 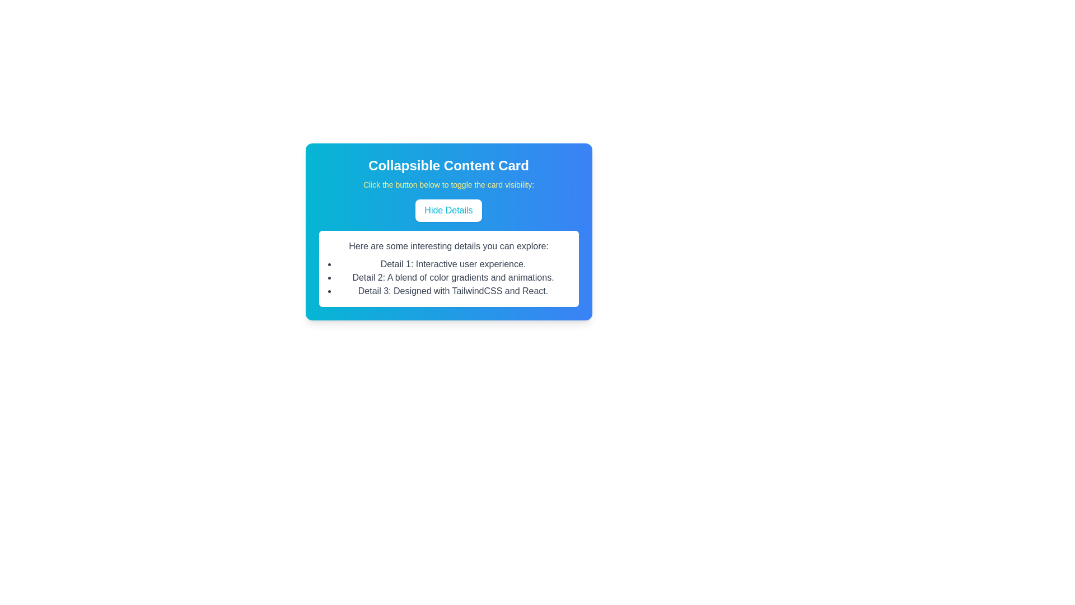 I want to click on the second list item text within the collapsible content card that describes a feature, specifically the text 'Detail 2: Offers seamless integration.', so click(x=453, y=277).